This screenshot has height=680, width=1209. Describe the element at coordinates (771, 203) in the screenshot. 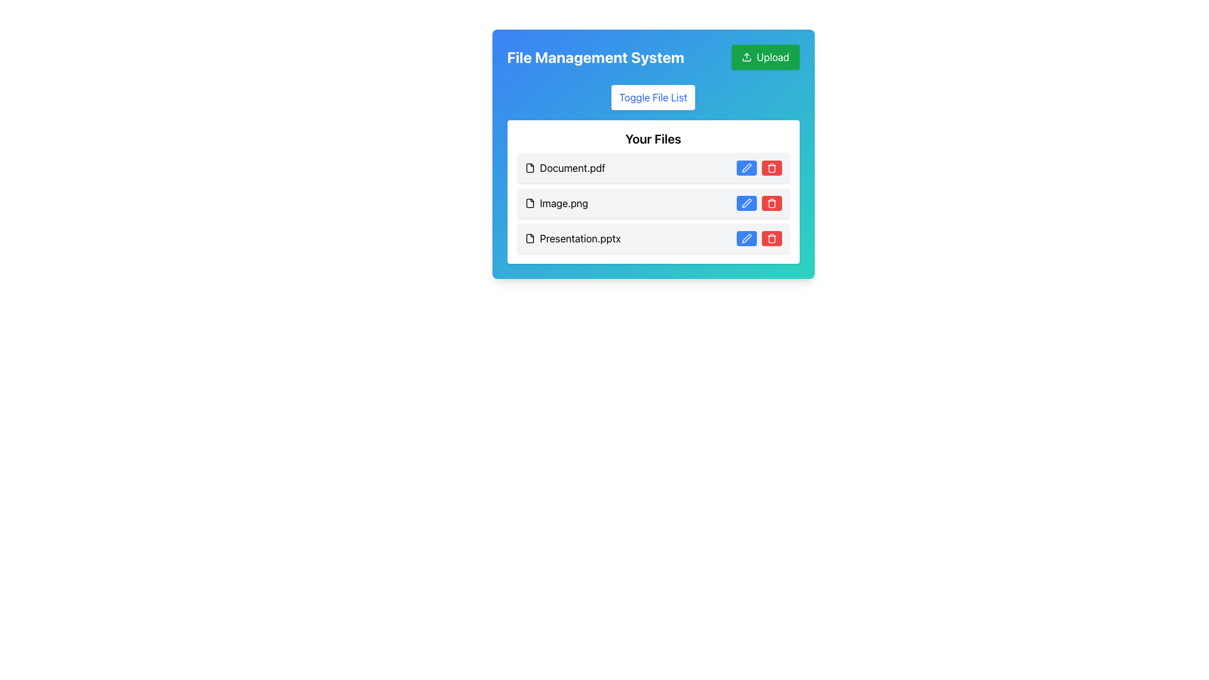

I see `the red trash can icon button` at that location.